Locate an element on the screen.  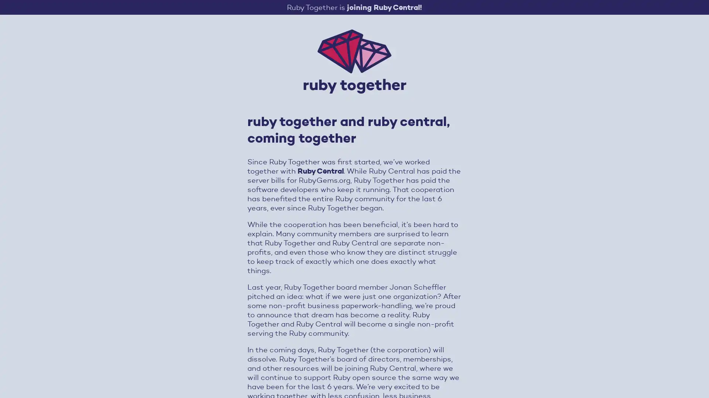
Open Intercom Messenger is located at coordinates (690, 379).